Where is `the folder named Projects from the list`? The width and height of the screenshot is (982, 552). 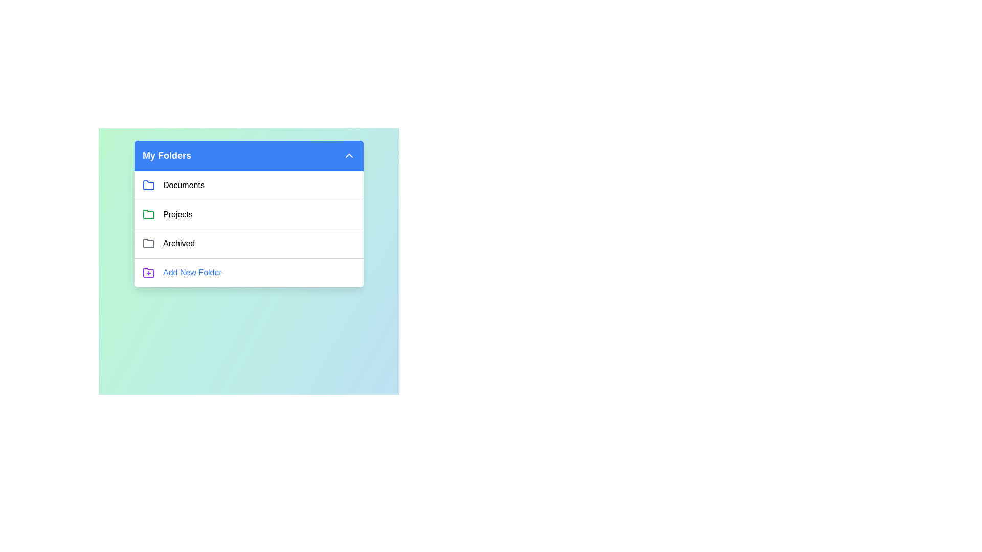
the folder named Projects from the list is located at coordinates (177, 214).